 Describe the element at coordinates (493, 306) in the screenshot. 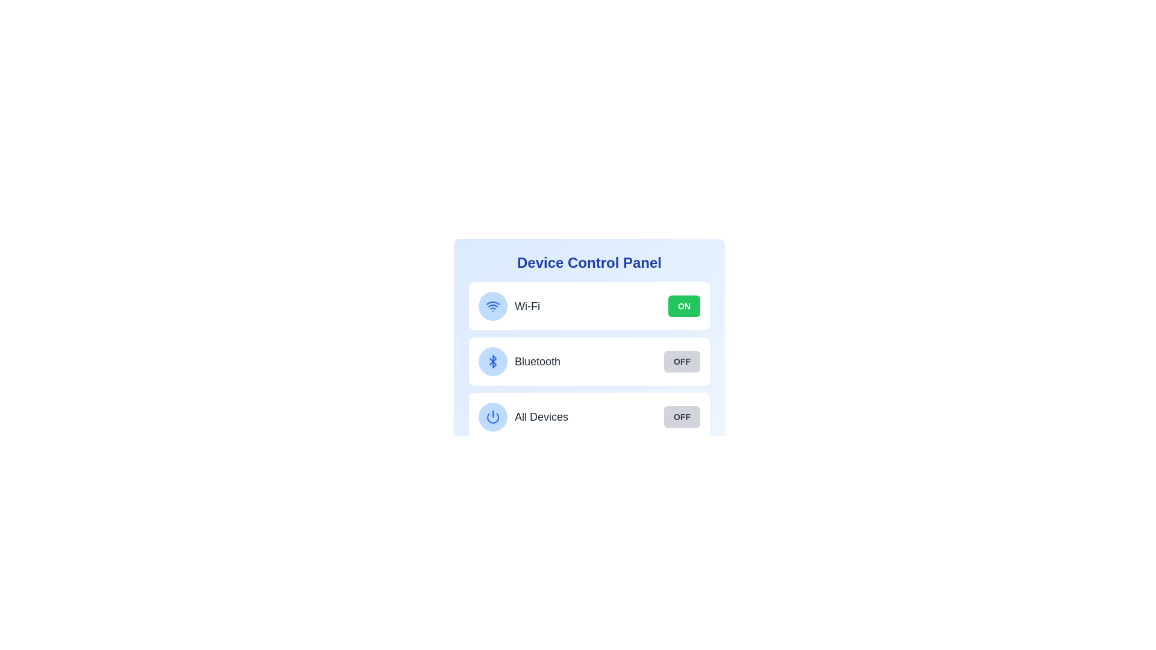

I see `the WiFi icon that visually represents the WiFi feature, located to the left of the 'Wi-Fi' text and aligned with it` at that location.